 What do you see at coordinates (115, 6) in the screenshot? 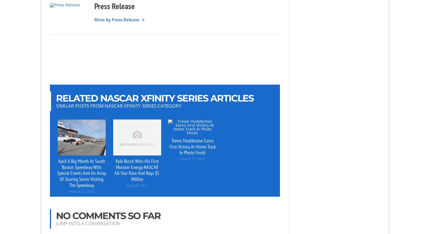
I see `'Press Release'` at bounding box center [115, 6].